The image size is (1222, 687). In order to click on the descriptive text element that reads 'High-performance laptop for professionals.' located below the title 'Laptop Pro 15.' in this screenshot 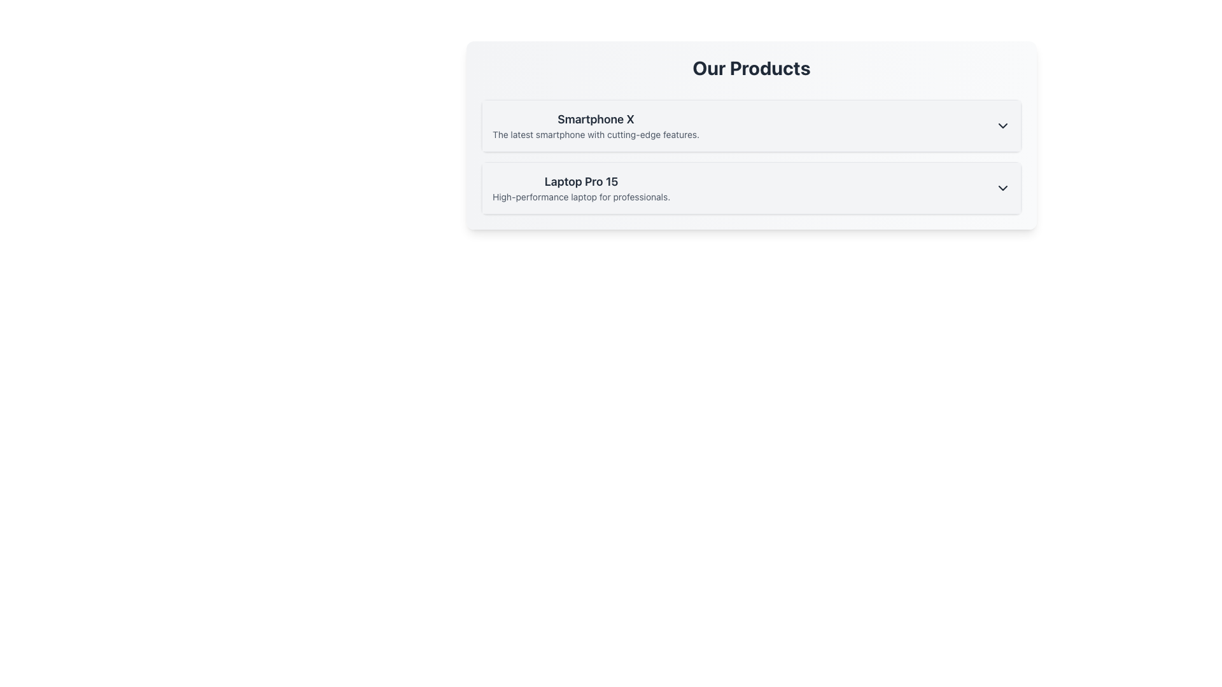, I will do `click(580, 197)`.